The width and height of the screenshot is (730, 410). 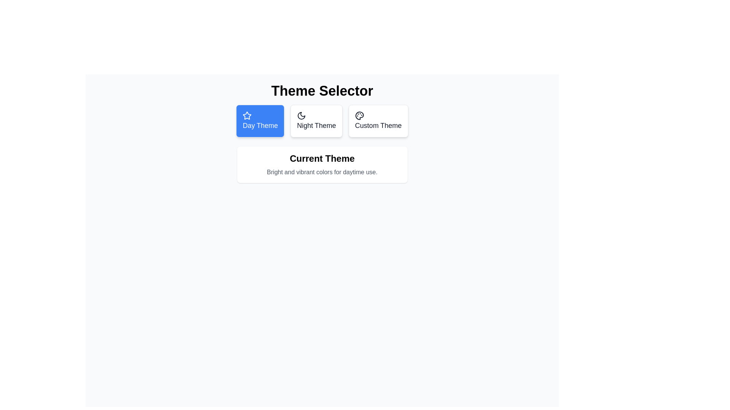 I want to click on the theme button Night Theme to observe its hover effect, so click(x=316, y=121).